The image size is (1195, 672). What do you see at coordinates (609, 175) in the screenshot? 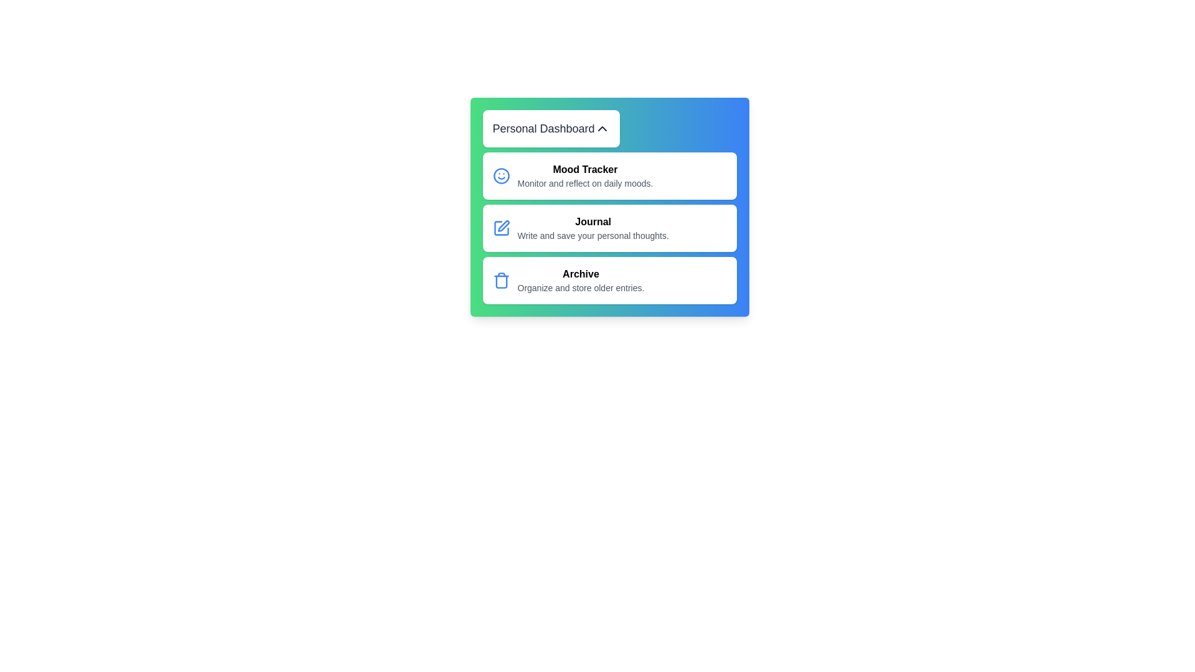
I see `the menu item Mood Tracker from the list` at bounding box center [609, 175].